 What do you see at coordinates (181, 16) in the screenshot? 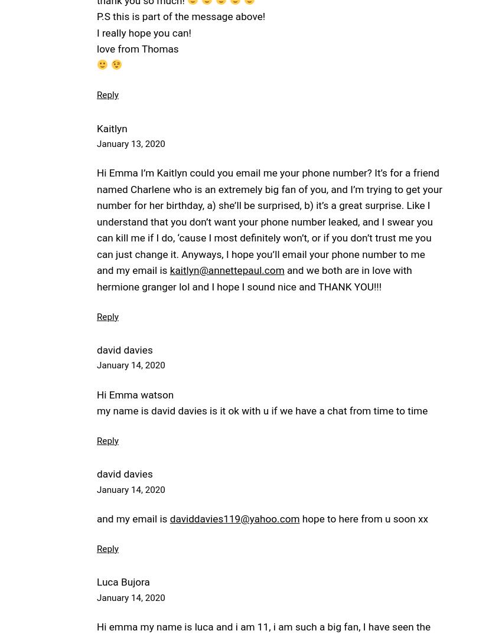
I see `'P.S this is part of the message above!'` at bounding box center [181, 16].